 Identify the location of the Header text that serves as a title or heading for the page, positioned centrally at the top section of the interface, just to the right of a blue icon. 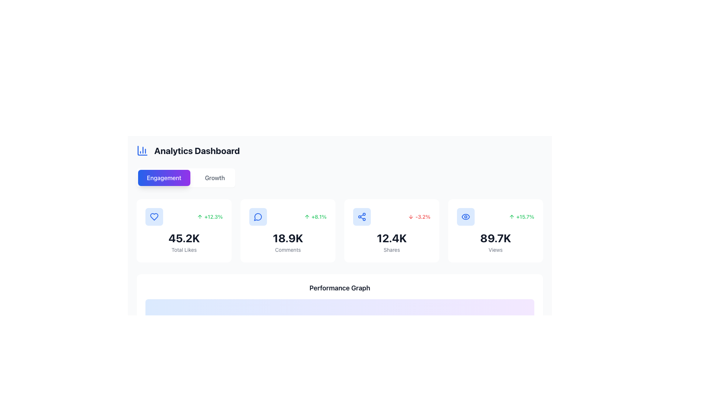
(197, 150).